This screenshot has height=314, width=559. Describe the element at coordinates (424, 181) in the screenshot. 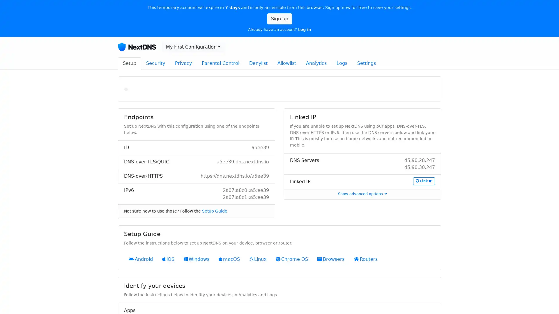

I see `Link IP` at that location.